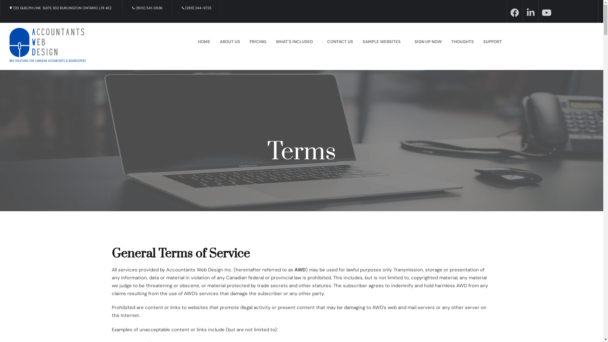 The height and width of the screenshot is (342, 608). Describe the element at coordinates (546, 12) in the screenshot. I see `'youtube'` at that location.